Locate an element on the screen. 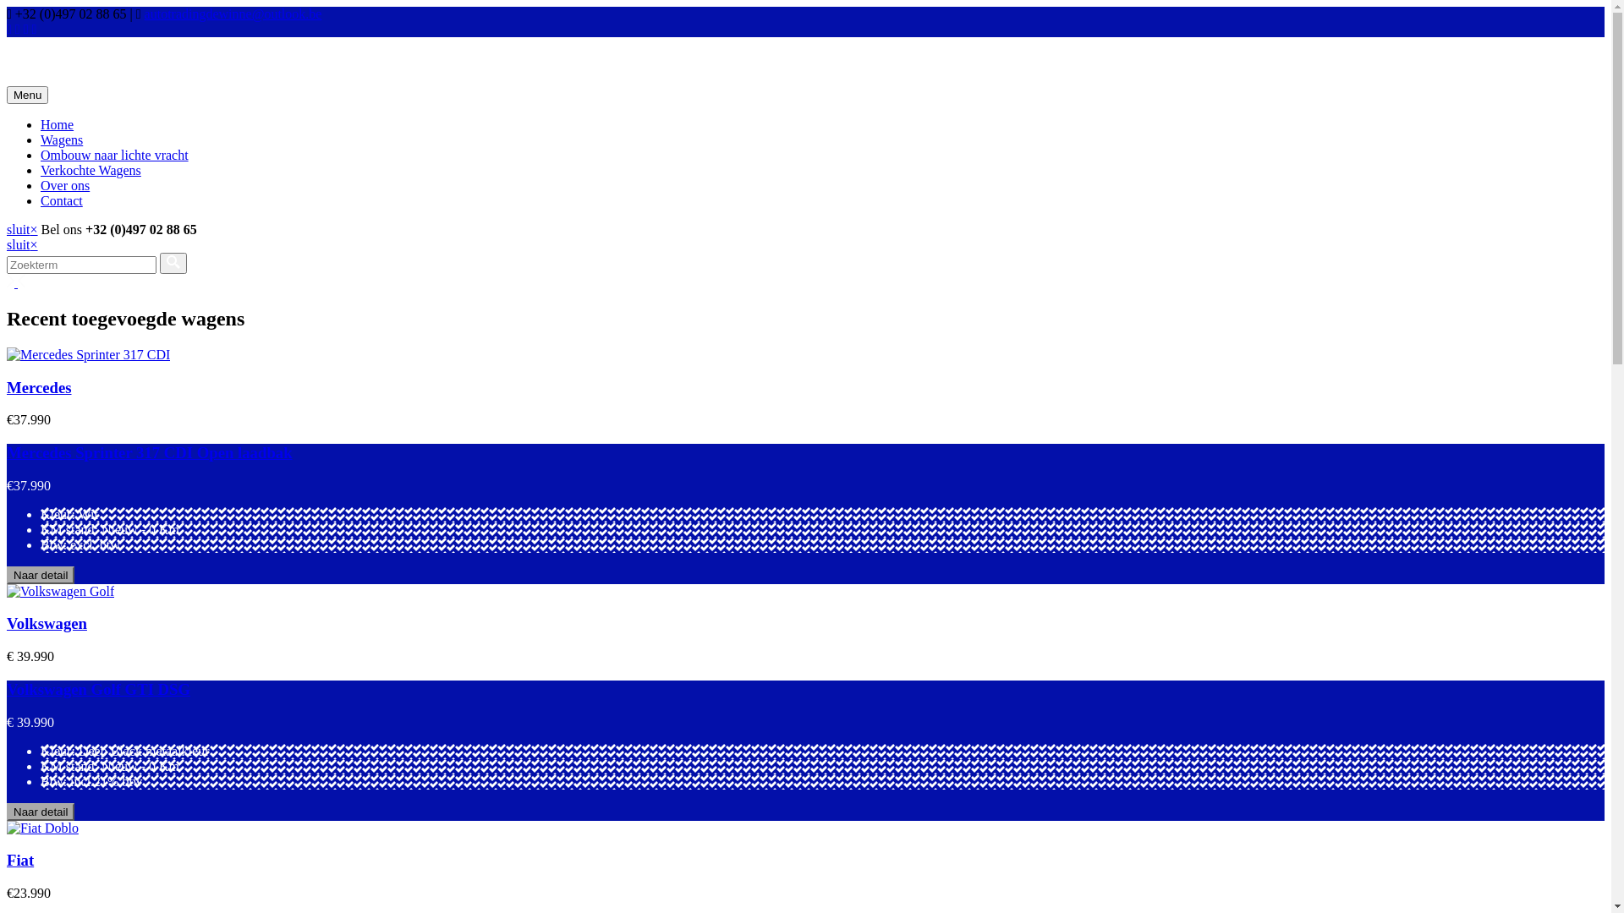 The height and width of the screenshot is (913, 1624). 'autotradingdewinne@outlook.be' is located at coordinates (232, 14).